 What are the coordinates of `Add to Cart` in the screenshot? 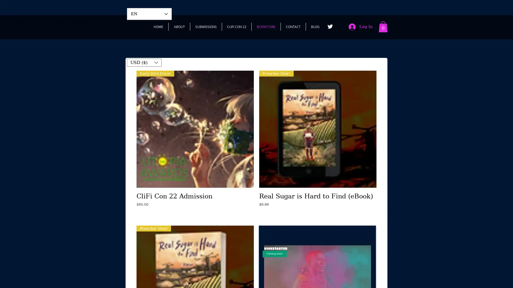 It's located at (318, 215).